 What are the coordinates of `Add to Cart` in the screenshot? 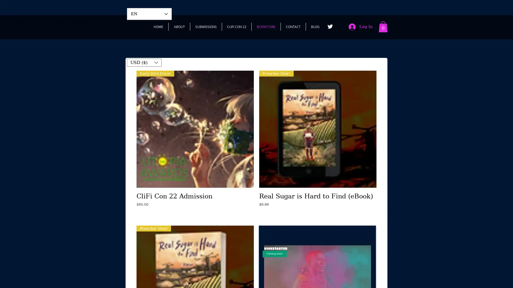 It's located at (318, 215).